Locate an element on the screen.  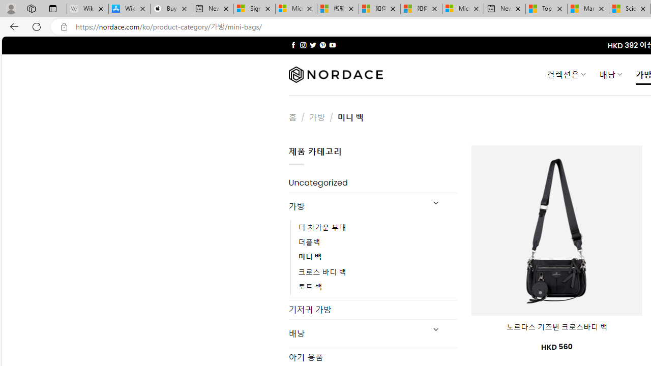
'Top Stories - MSN' is located at coordinates (546, 9).